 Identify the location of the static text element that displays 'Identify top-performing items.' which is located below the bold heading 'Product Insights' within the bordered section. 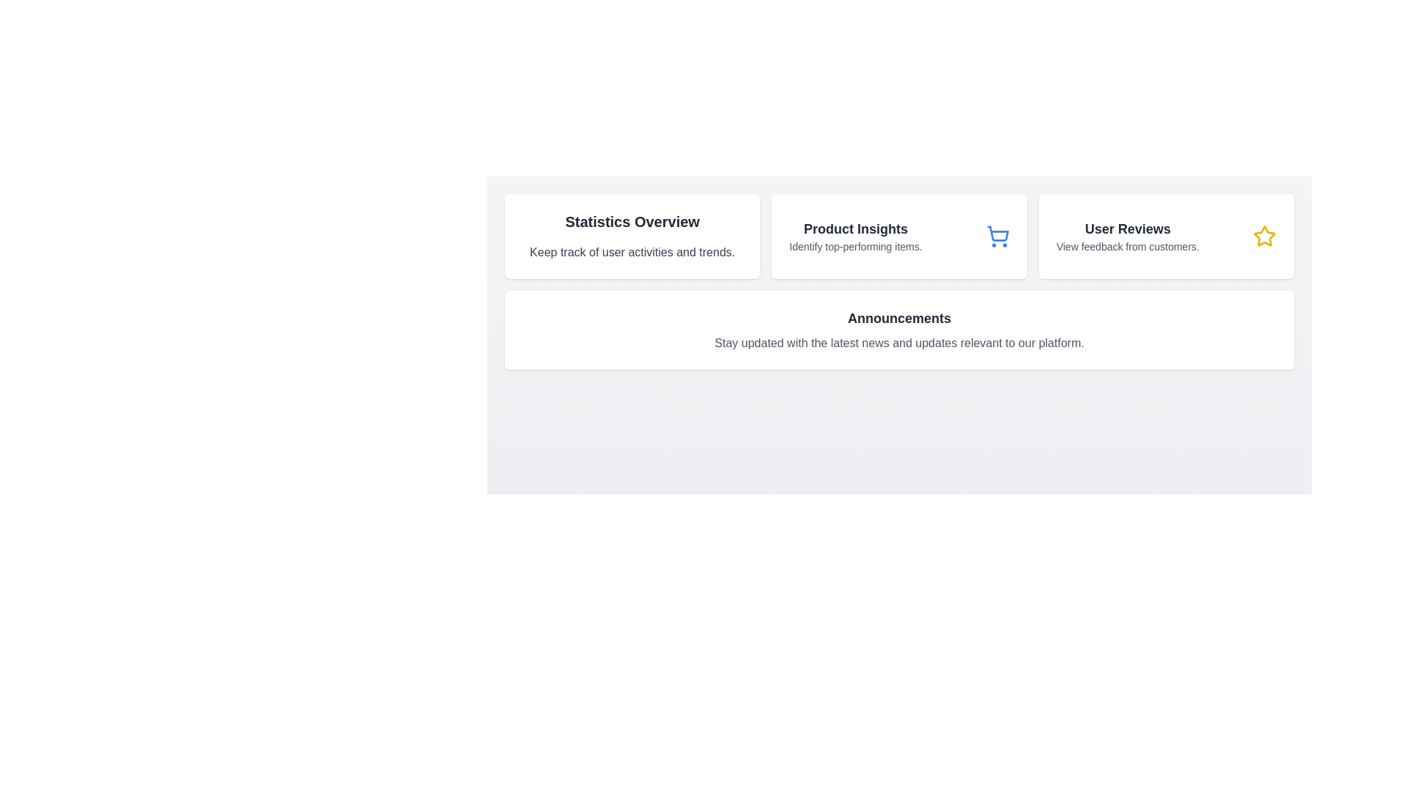
(855, 245).